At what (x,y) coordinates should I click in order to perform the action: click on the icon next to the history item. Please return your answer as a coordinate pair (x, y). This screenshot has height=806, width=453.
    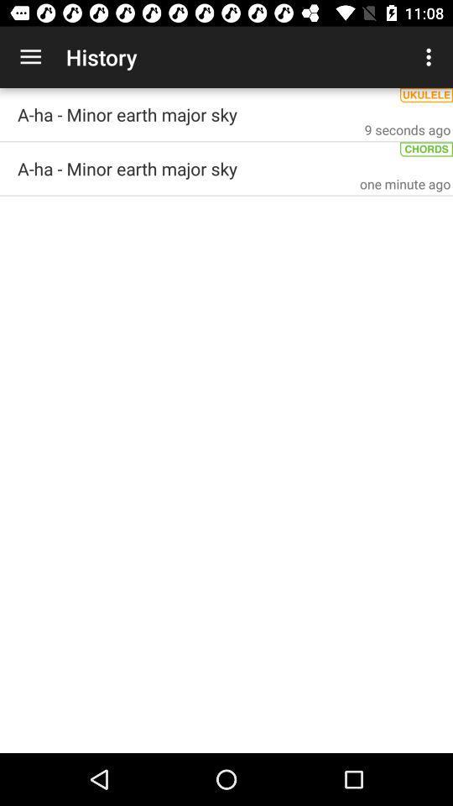
    Looking at the image, I should click on (430, 57).